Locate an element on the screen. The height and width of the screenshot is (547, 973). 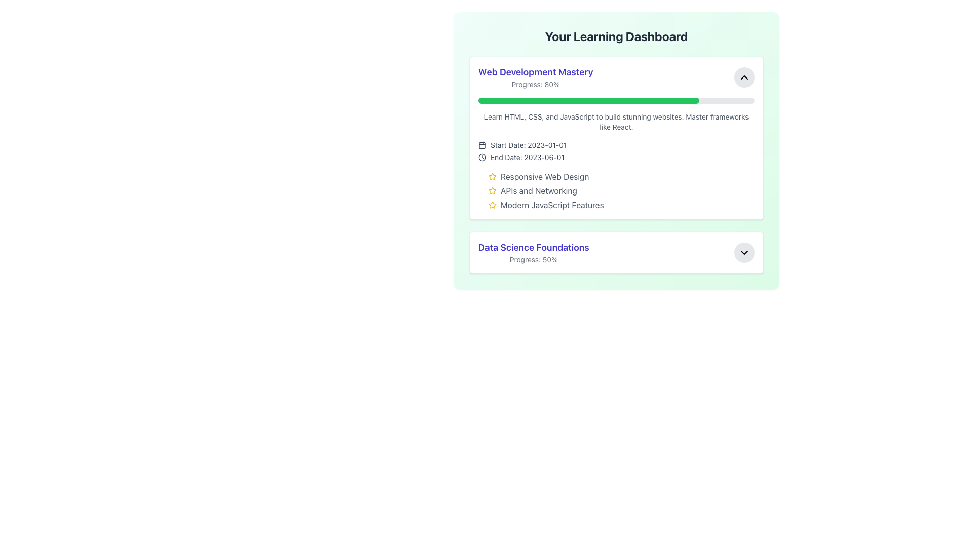
the small calendar icon, which is an outlined square with two vertical marks, located left of the text 'Start Date: 2023-01-01' in the 'Web Development Mastery' section is located at coordinates (481, 145).